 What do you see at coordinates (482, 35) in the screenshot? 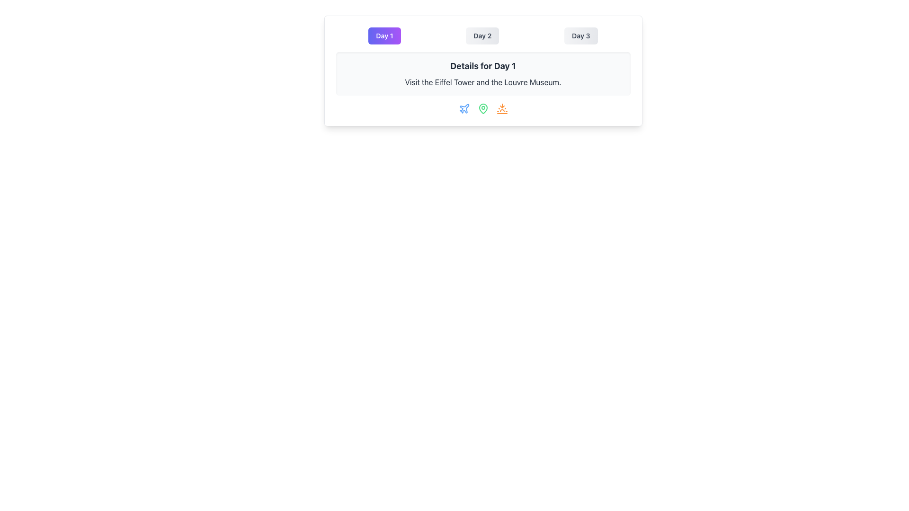
I see `the 'Day 2' button` at bounding box center [482, 35].